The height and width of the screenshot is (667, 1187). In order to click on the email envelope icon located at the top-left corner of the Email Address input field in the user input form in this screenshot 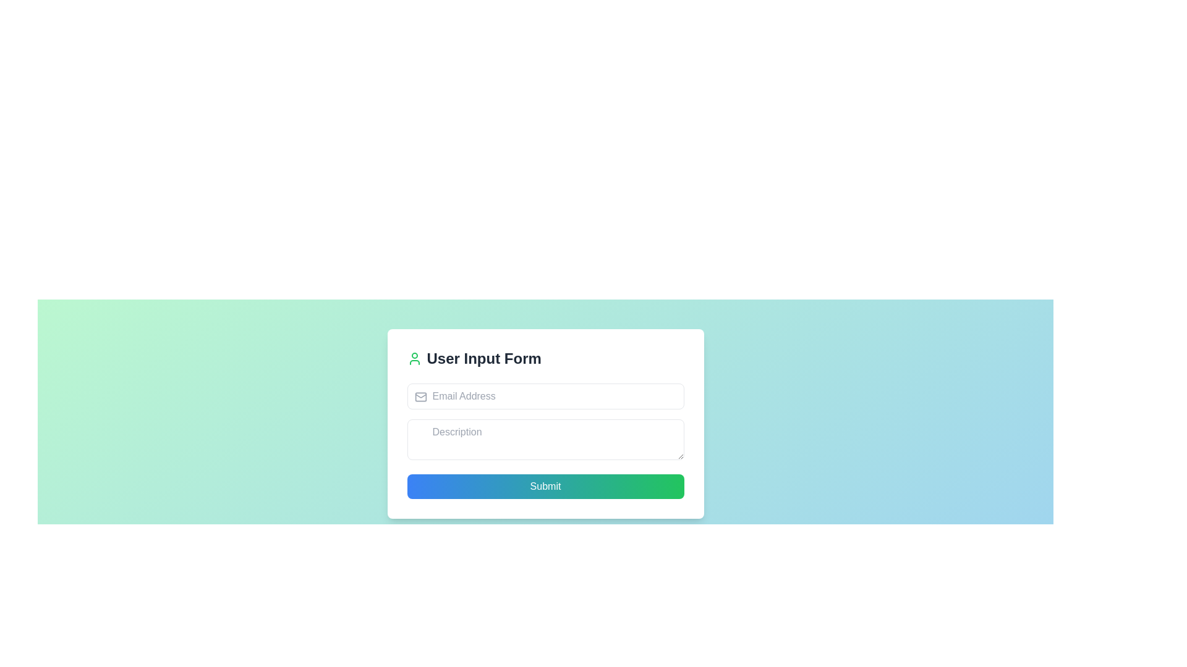, I will do `click(420, 397)`.